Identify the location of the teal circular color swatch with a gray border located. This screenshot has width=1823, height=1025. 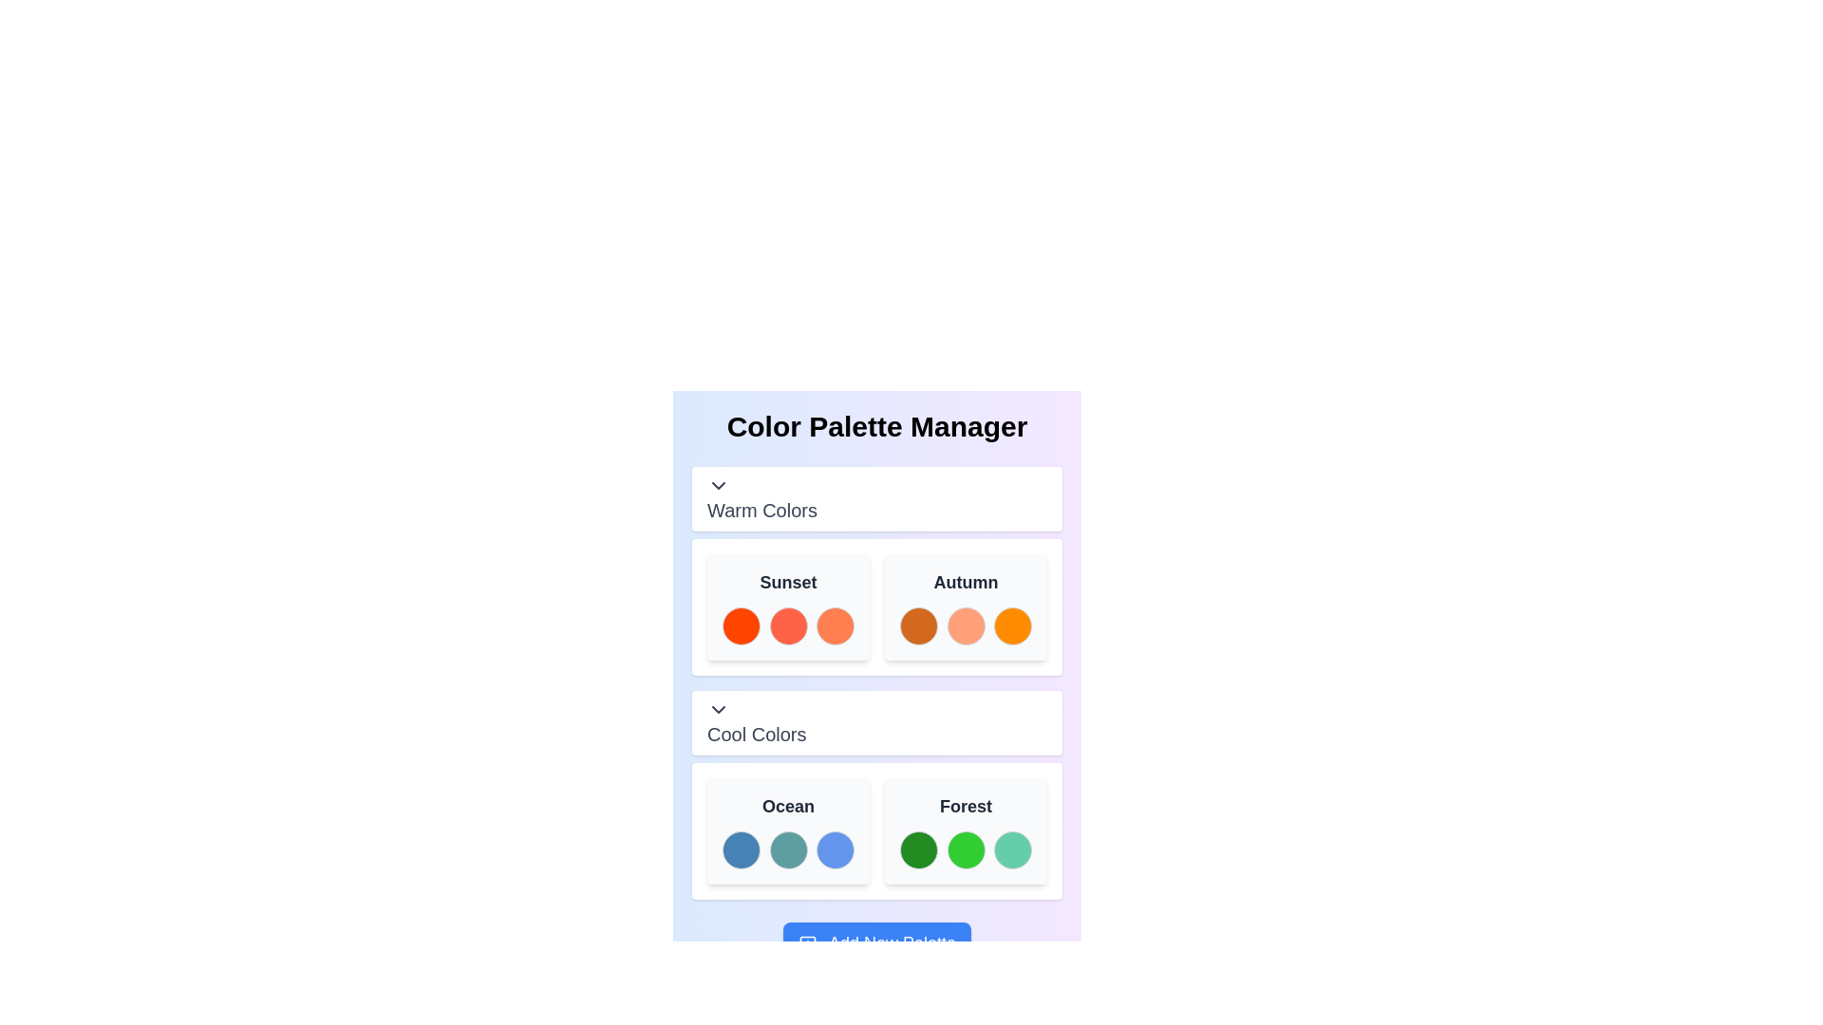
(788, 848).